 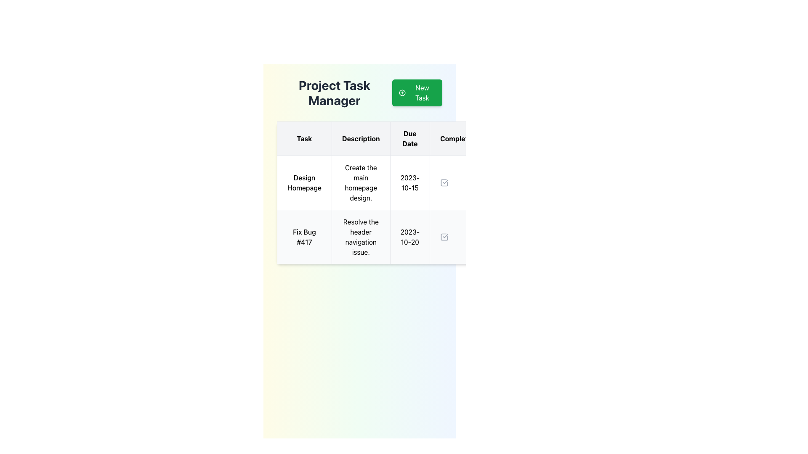 What do you see at coordinates (444, 182) in the screenshot?
I see `the gray checkbox icon with a rounded square border and a checkmark inside, located` at bounding box center [444, 182].